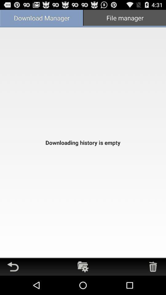 This screenshot has width=166, height=295. What do you see at coordinates (41, 18) in the screenshot?
I see `the icon above downloading history is item` at bounding box center [41, 18].